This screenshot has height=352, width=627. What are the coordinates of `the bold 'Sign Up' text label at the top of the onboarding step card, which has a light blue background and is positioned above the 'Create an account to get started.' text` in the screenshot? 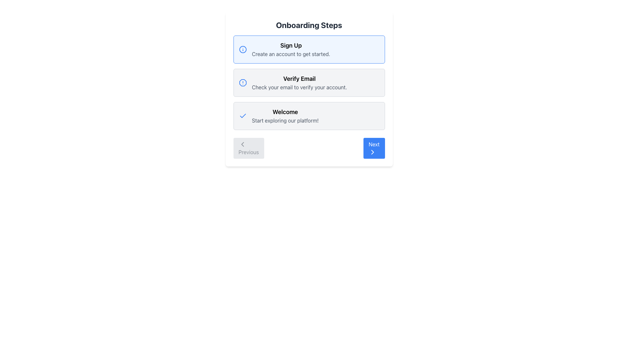 It's located at (291, 45).